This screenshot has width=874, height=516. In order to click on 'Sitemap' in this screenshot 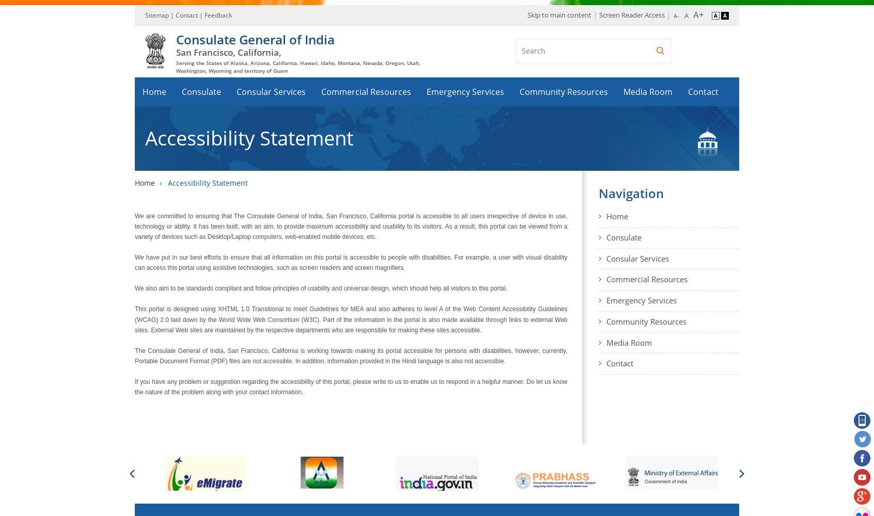, I will do `click(157, 15)`.